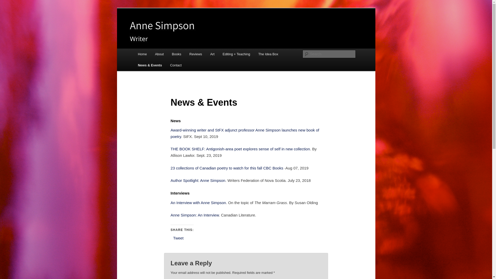  Describe the element at coordinates (134, 65) in the screenshot. I see `'News & Events'` at that location.